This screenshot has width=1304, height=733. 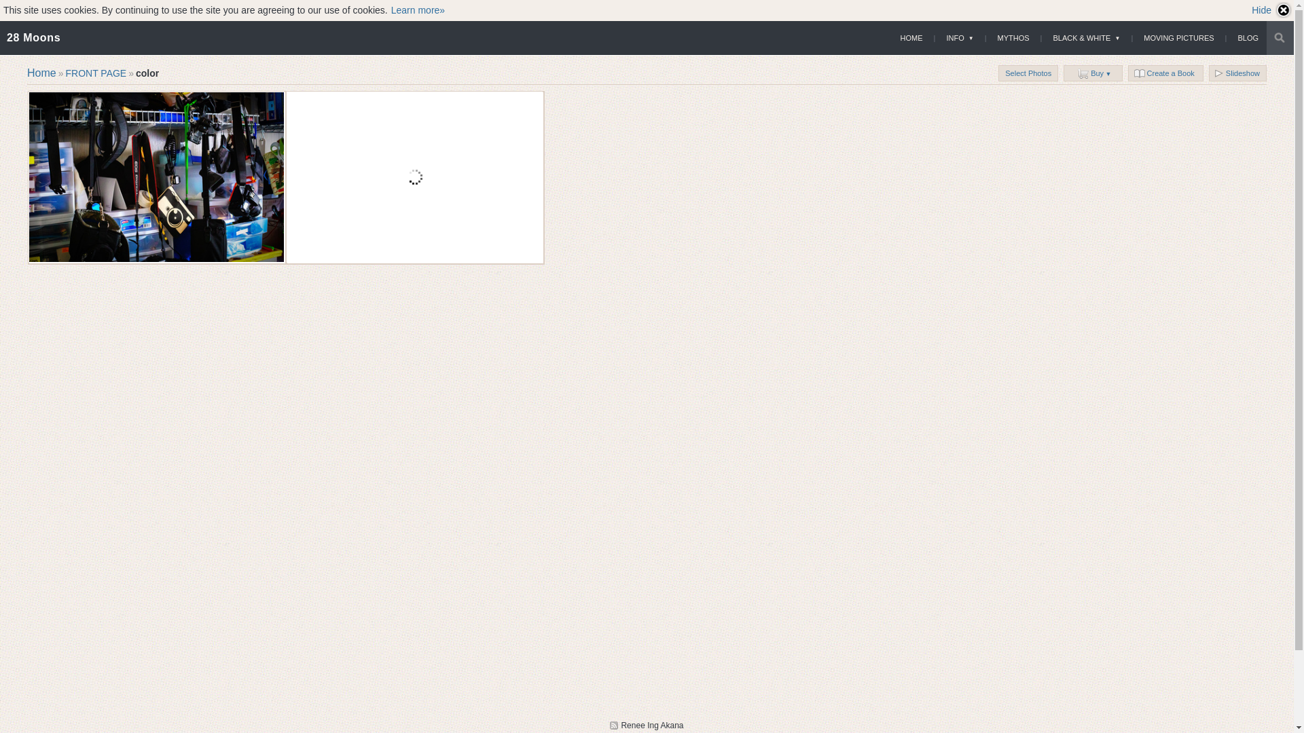 What do you see at coordinates (41, 73) in the screenshot?
I see `'Home'` at bounding box center [41, 73].